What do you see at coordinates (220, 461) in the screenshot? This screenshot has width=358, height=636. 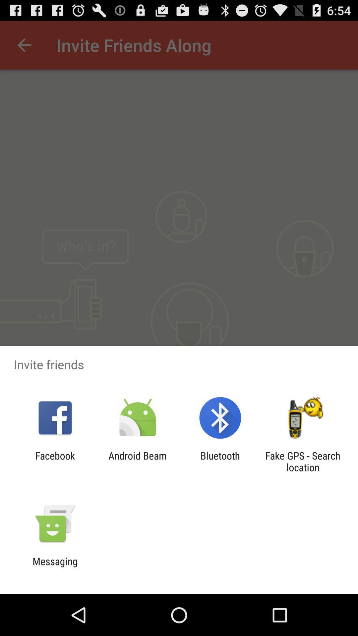 I see `icon to the right of the android beam item` at bounding box center [220, 461].